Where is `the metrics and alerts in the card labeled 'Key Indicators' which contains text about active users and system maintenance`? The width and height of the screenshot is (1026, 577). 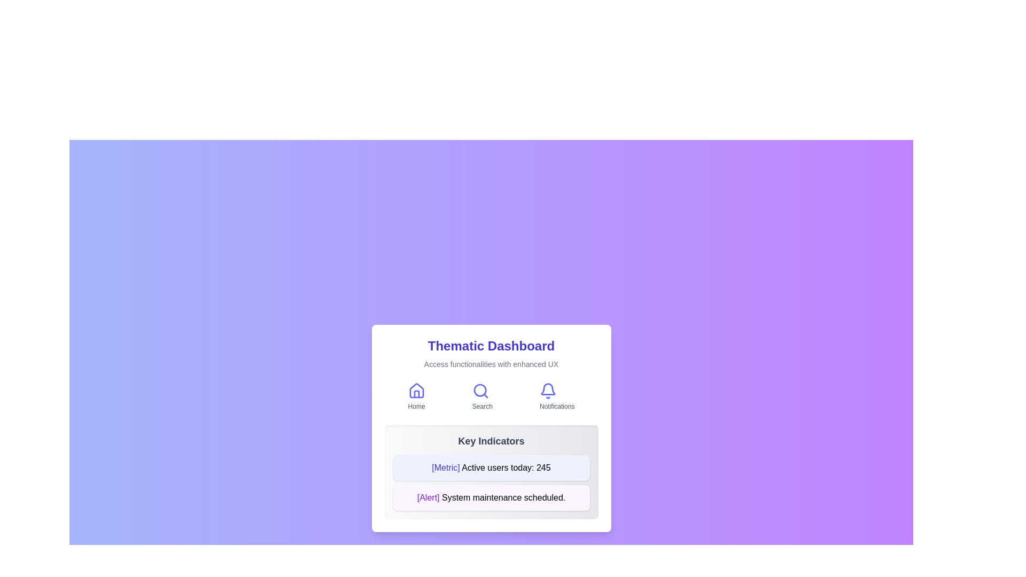
the metrics and alerts in the card labeled 'Key Indicators' which contains text about active users and system maintenance is located at coordinates (491, 471).